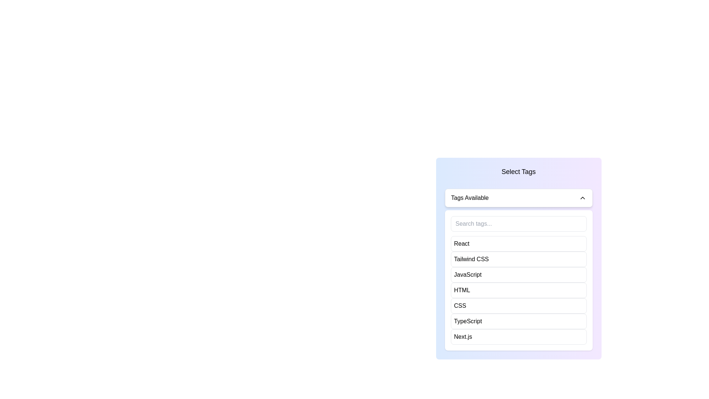  Describe the element at coordinates (462, 337) in the screenshot. I see `the 'Next.js' text label located at the bottom of the dropdown list` at that location.